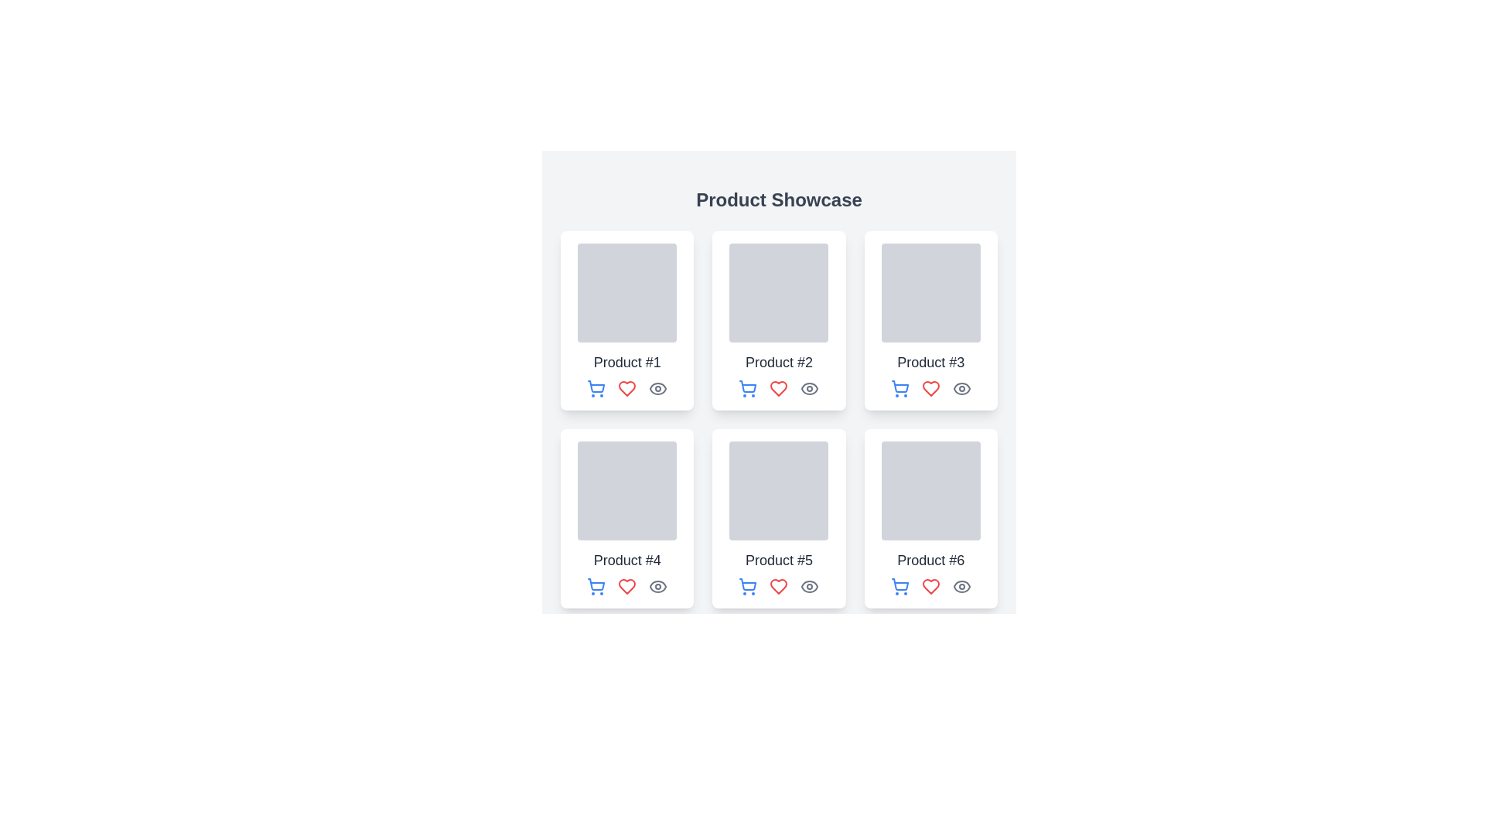 This screenshot has width=1485, height=835. Describe the element at coordinates (748, 587) in the screenshot. I see `the shopping cart icon, which is a blue interactive button located in the second row under the Product #5 card in a grid layout` at that location.